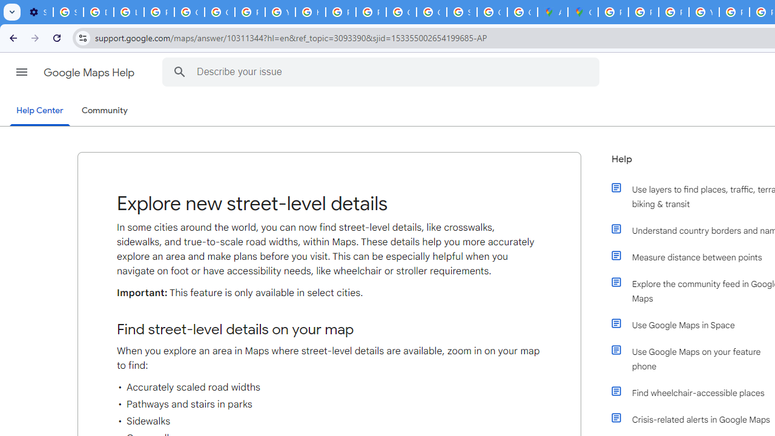 The width and height of the screenshot is (775, 436). What do you see at coordinates (38, 12) in the screenshot?
I see `'Settings - On startup'` at bounding box center [38, 12].